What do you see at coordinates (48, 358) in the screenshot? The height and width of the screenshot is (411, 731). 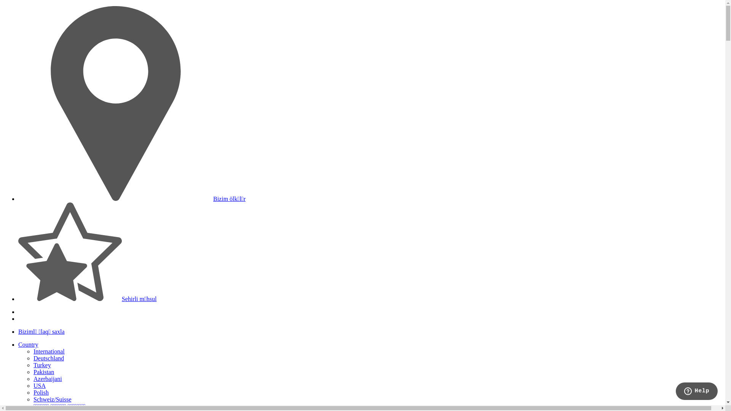 I see `'Deutschland'` at bounding box center [48, 358].